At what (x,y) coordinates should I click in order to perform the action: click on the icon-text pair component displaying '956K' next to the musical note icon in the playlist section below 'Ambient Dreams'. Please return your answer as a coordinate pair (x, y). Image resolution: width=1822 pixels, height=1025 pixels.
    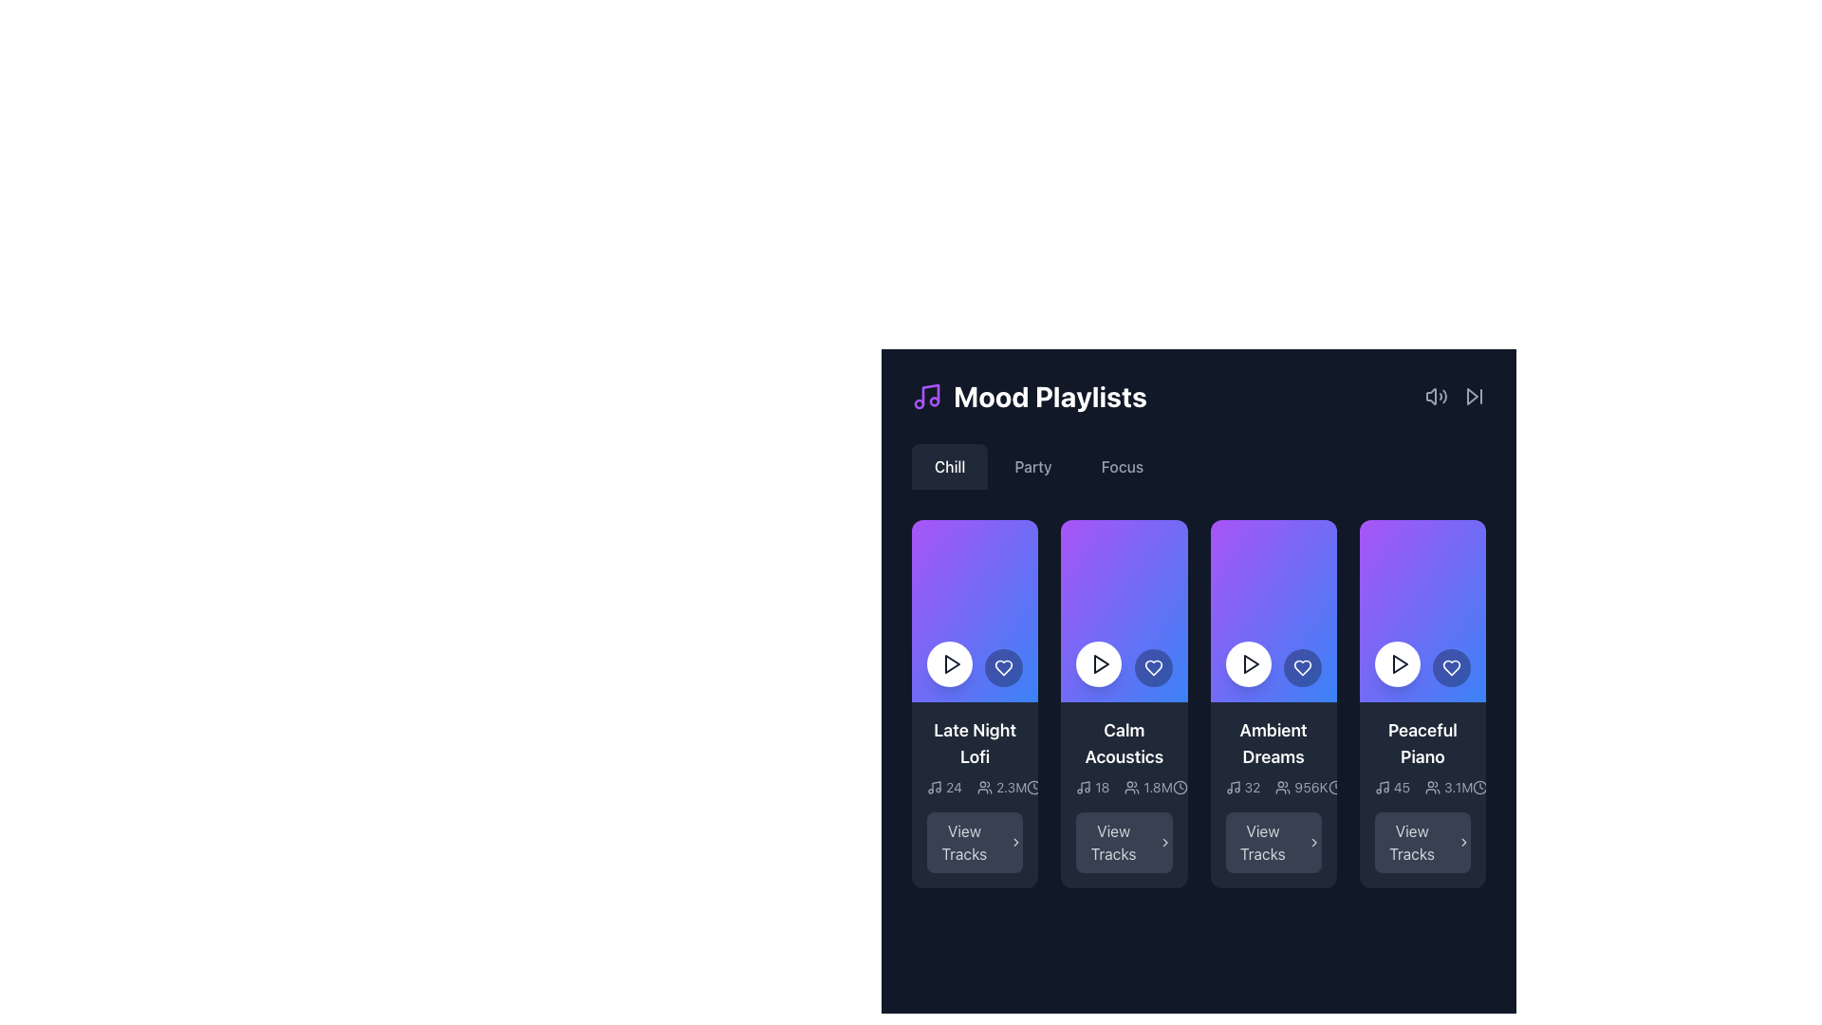
    Looking at the image, I should click on (1274, 787).